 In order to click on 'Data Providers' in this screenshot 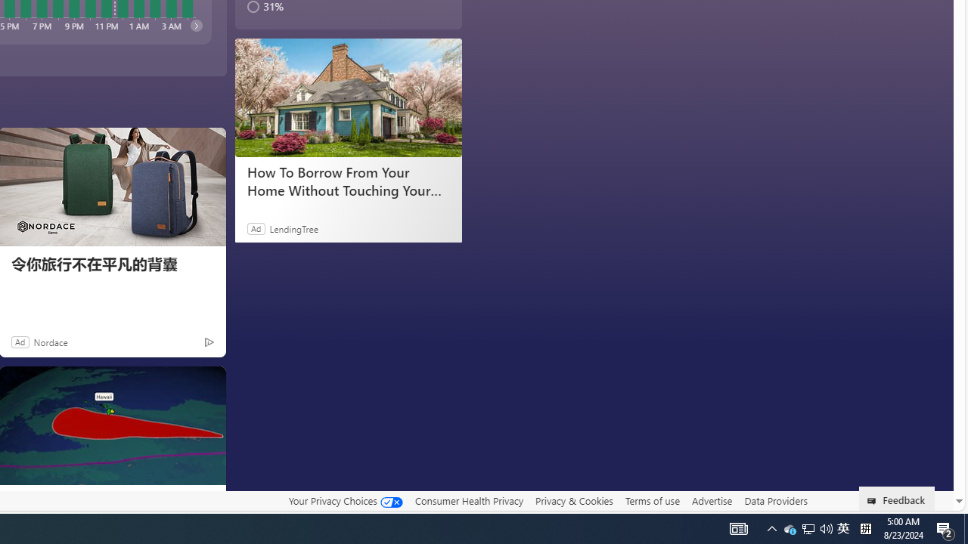, I will do `click(775, 500)`.